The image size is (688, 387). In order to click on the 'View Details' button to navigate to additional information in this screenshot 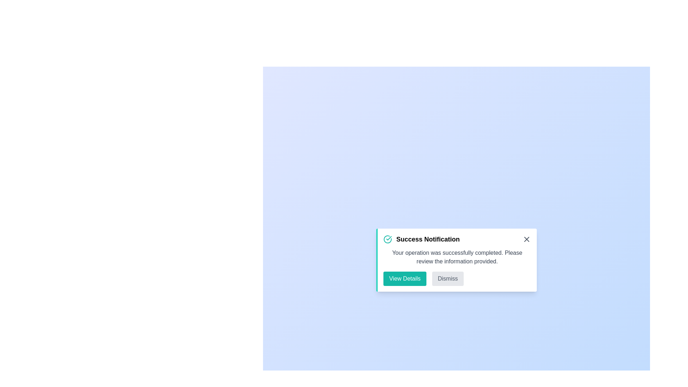, I will do `click(405, 278)`.